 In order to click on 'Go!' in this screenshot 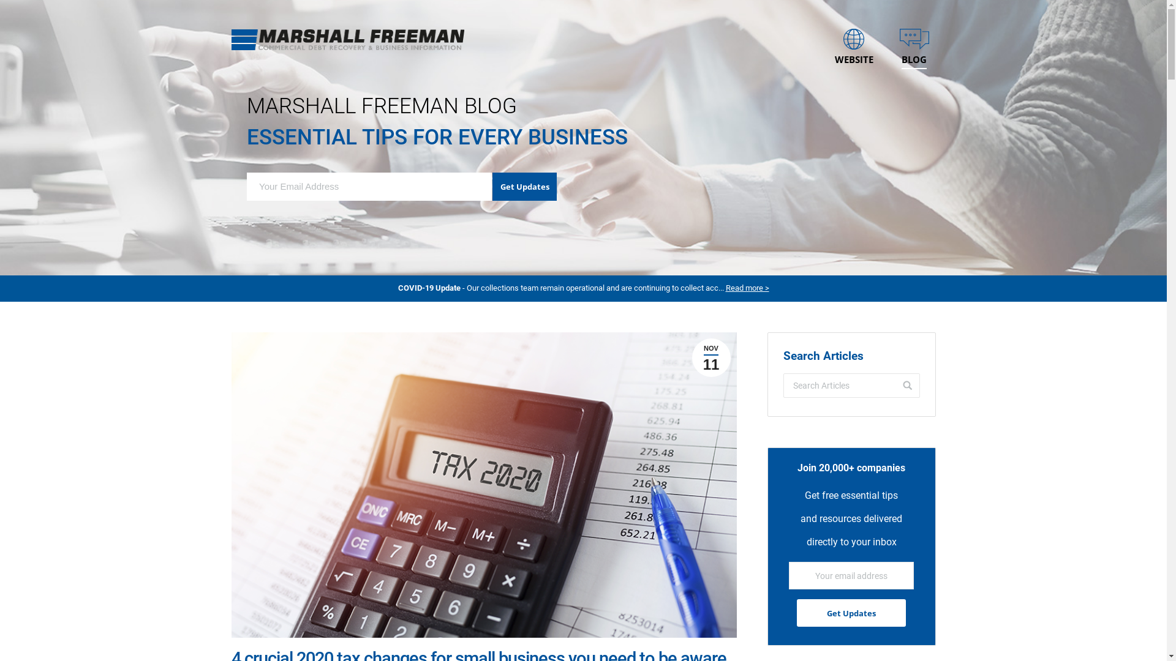, I will do `click(894, 384)`.